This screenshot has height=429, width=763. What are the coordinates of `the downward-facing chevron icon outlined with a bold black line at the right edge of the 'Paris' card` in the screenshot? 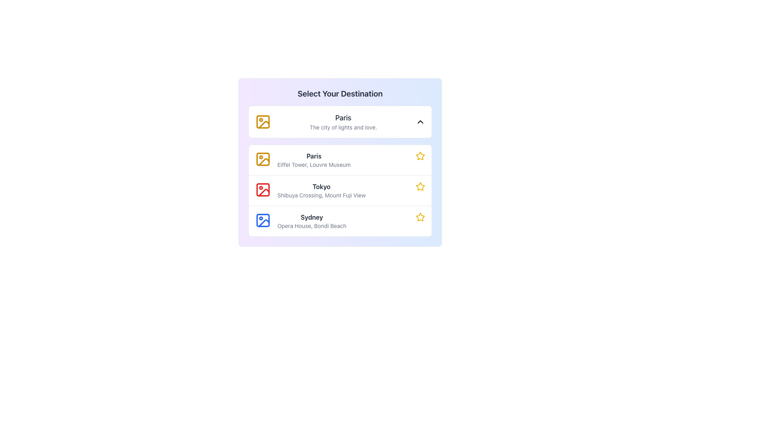 It's located at (420, 122).